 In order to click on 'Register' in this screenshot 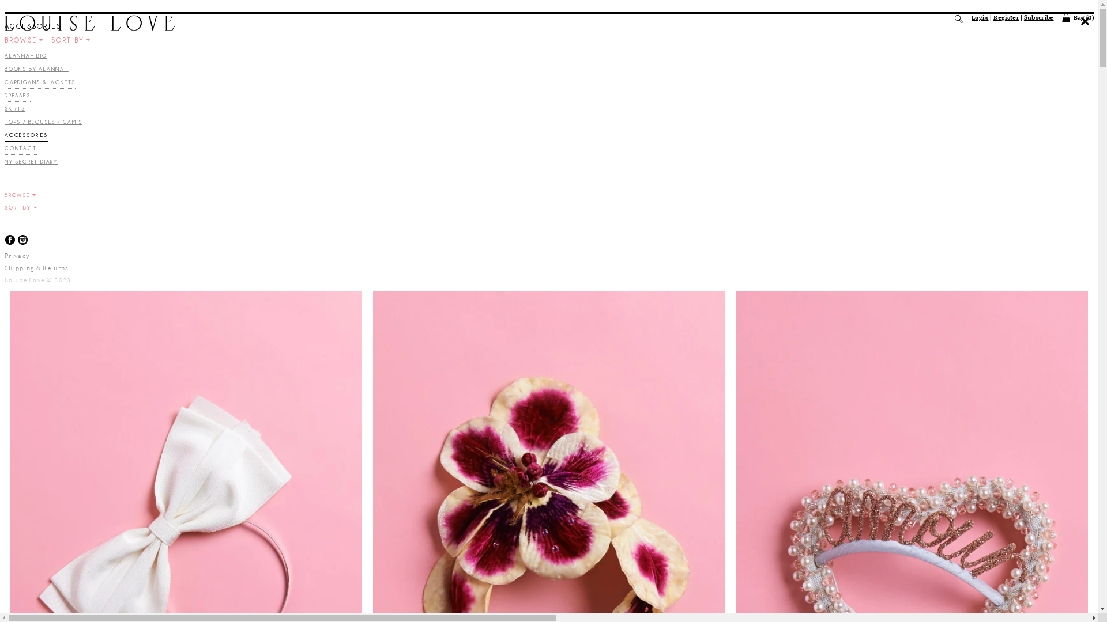, I will do `click(1006, 17)`.